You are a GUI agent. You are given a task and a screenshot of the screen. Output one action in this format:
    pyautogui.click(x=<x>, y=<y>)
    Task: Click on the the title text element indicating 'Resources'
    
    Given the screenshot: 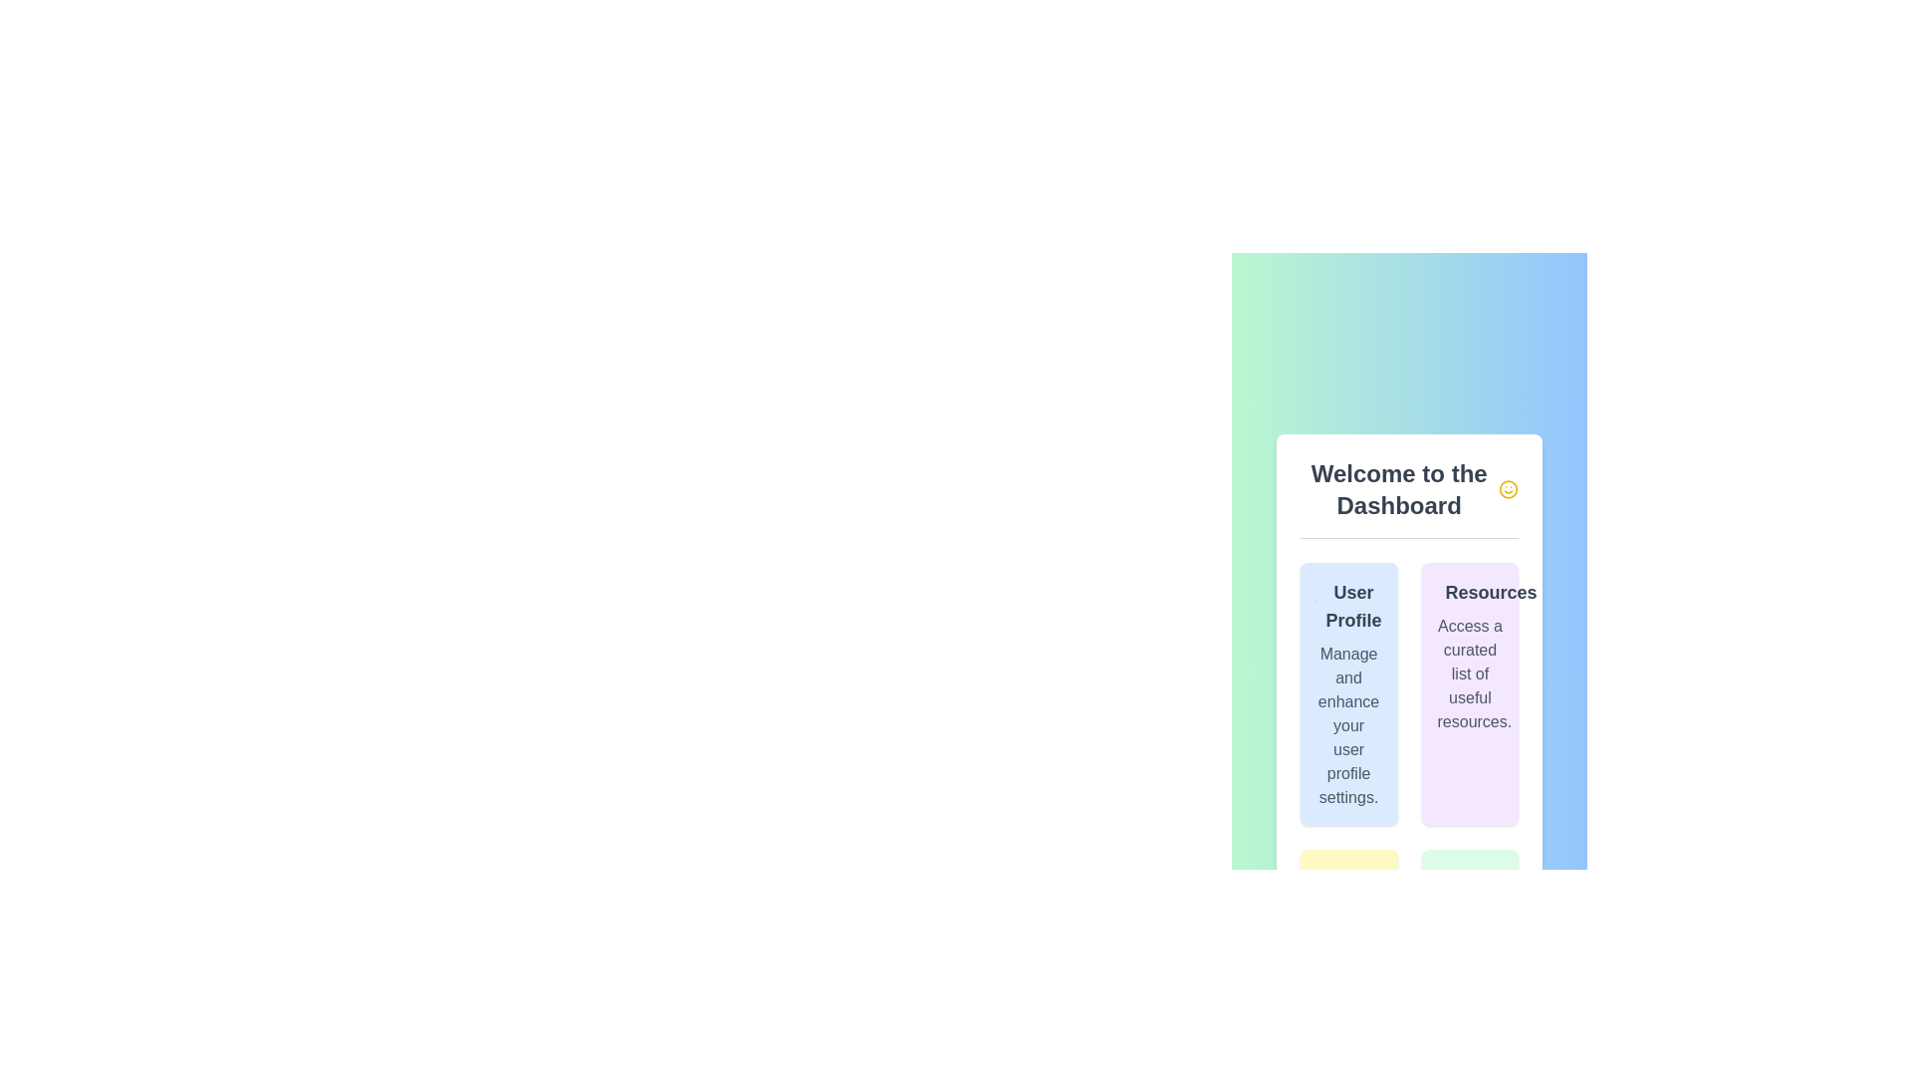 What is the action you would take?
    pyautogui.click(x=1470, y=591)
    